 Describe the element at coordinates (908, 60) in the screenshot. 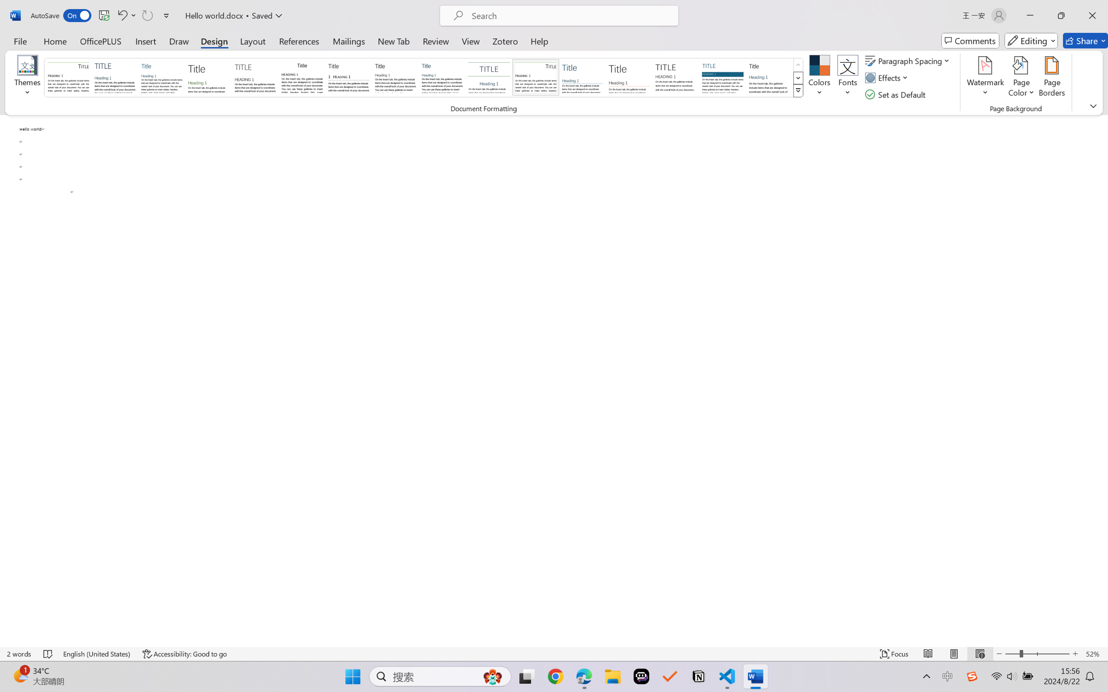

I see `'Paragraph Spacing'` at that location.